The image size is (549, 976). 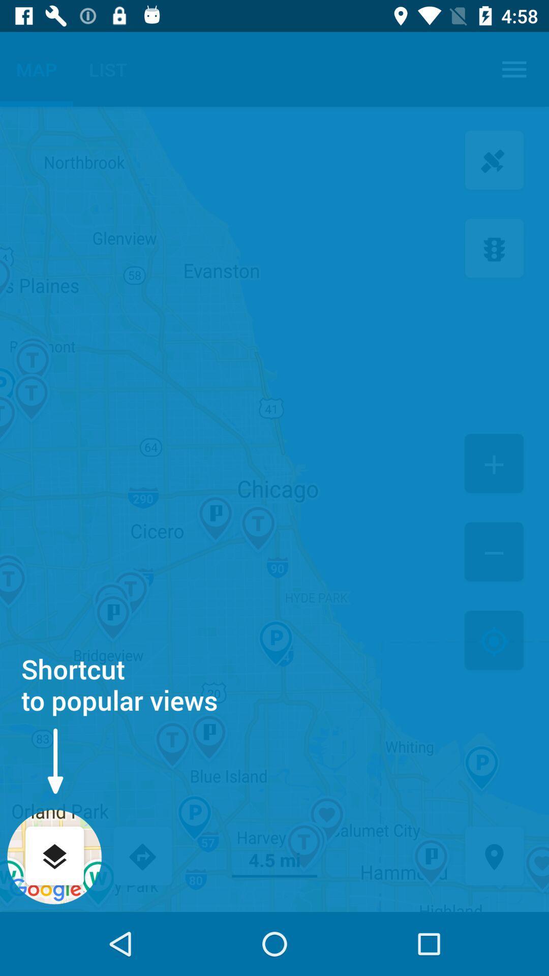 I want to click on asking location, so click(x=494, y=857).